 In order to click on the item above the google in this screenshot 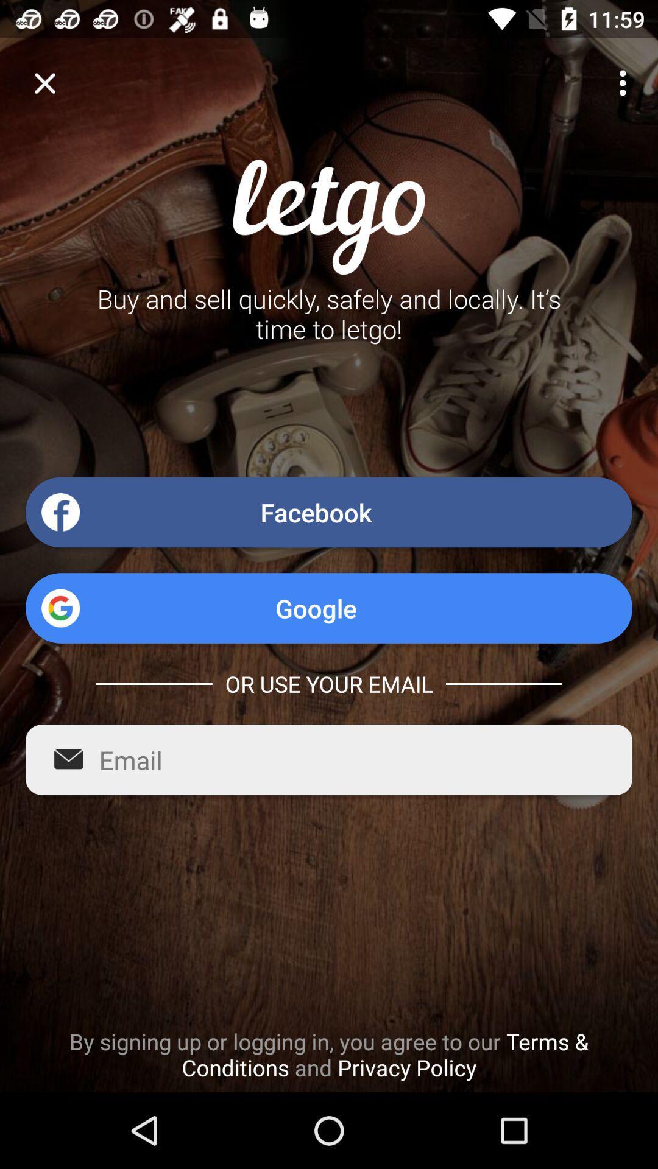, I will do `click(329, 512)`.